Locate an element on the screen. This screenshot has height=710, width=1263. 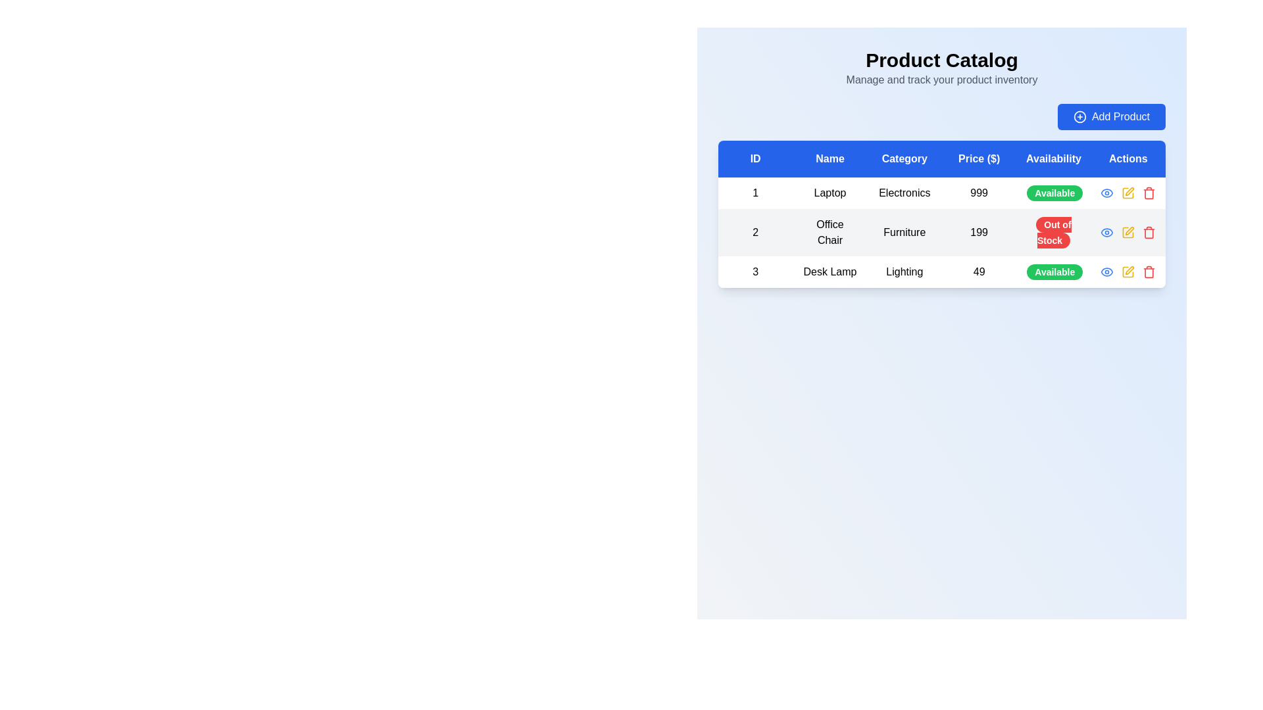
the trash can icon button, which is the third icon in the 'Actions' column of the table is located at coordinates (1149, 272).